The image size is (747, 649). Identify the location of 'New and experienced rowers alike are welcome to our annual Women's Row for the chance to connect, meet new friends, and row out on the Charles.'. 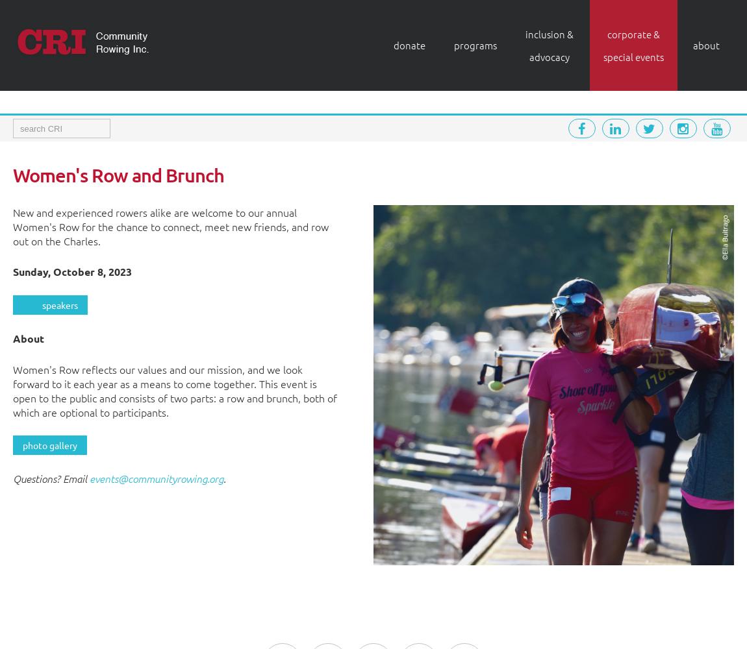
(170, 226).